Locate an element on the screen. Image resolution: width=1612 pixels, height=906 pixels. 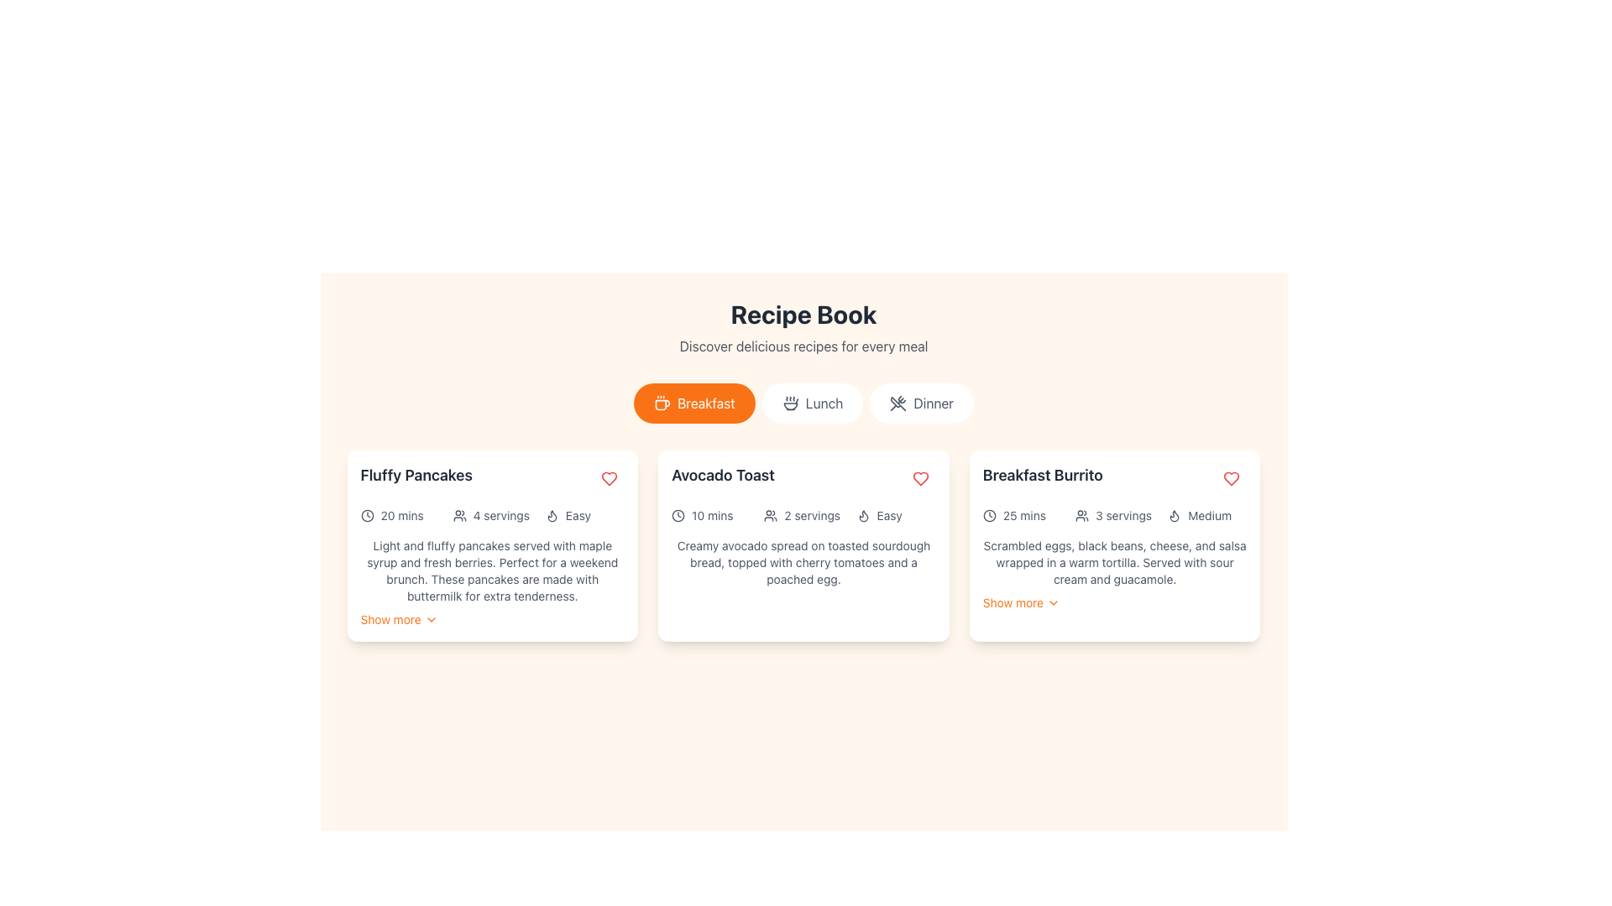
the text label displaying 'Avocado Toast', which is a large, bold, dark gray title positioned in the center card of a group of cards is located at coordinates (723, 476).